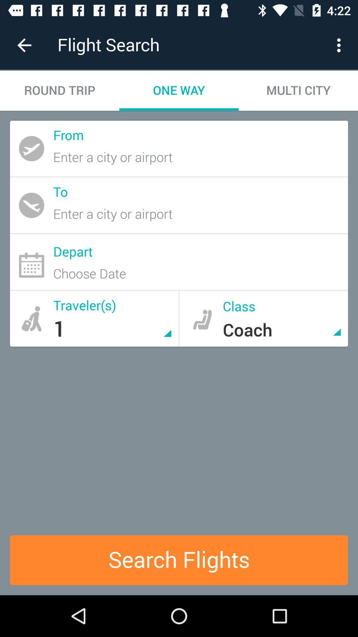  What do you see at coordinates (179, 90) in the screenshot?
I see `the item to the left of the multi city` at bounding box center [179, 90].